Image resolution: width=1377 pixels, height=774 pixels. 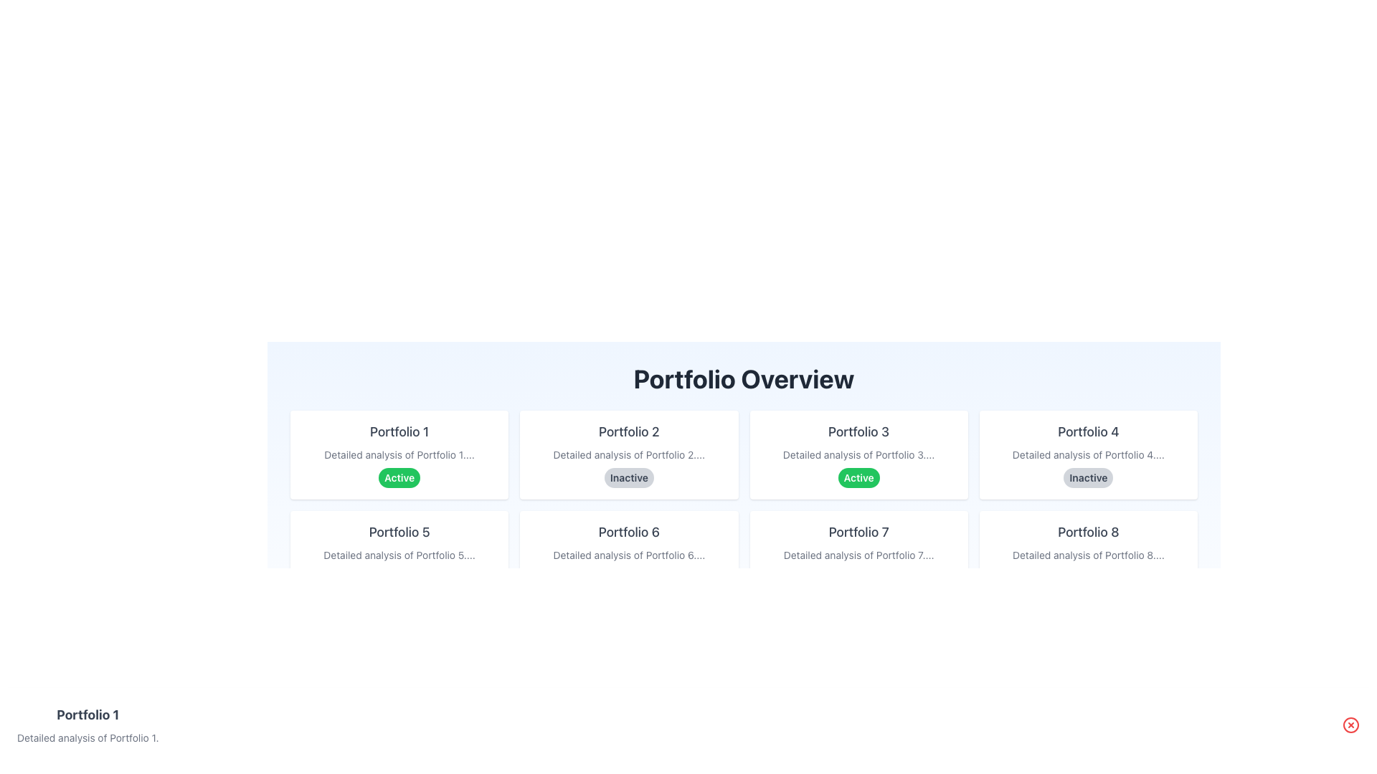 What do you see at coordinates (858, 455) in the screenshot?
I see `the supportive text element that provides additional details about 'Portfolio 3', located in the first row, third column of the grid layout, below the title text and above the status indicator ('Active')` at bounding box center [858, 455].